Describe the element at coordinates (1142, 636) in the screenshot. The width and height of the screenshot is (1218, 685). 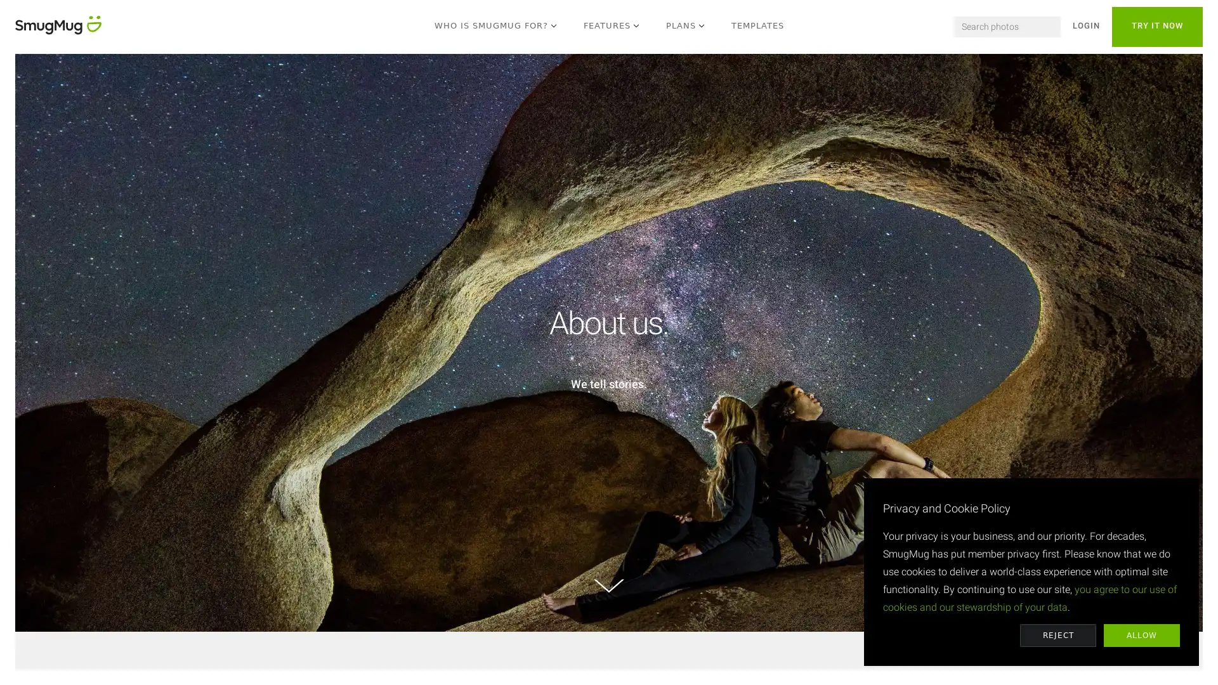
I see `ALLOW` at that location.